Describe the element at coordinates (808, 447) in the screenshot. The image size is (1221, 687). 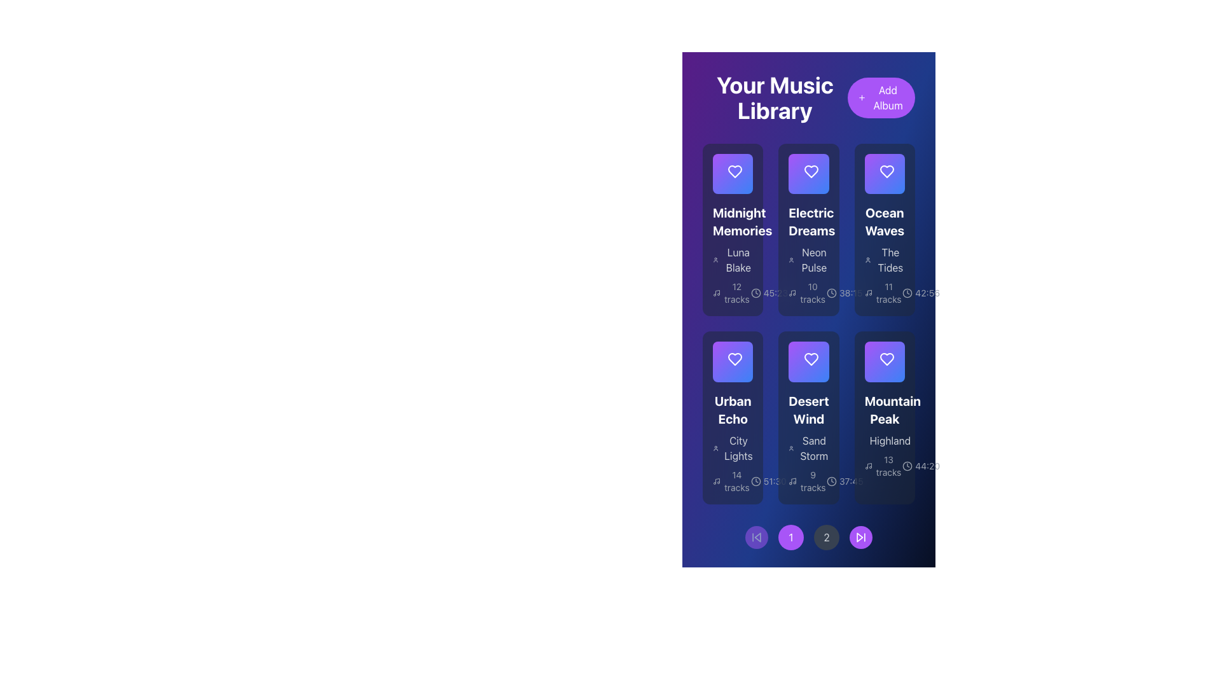
I see `the 'Sand Storm' text label with icon, which is styled in light gray on a dark blue background and positioned in the second column of the 'Desert Wind' card` at that location.